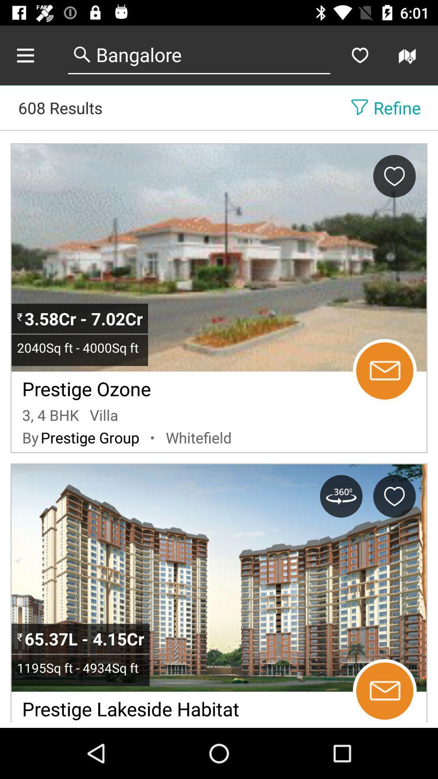 Image resolution: width=438 pixels, height=779 pixels. What do you see at coordinates (34, 55) in the screenshot?
I see `open more options` at bounding box center [34, 55].